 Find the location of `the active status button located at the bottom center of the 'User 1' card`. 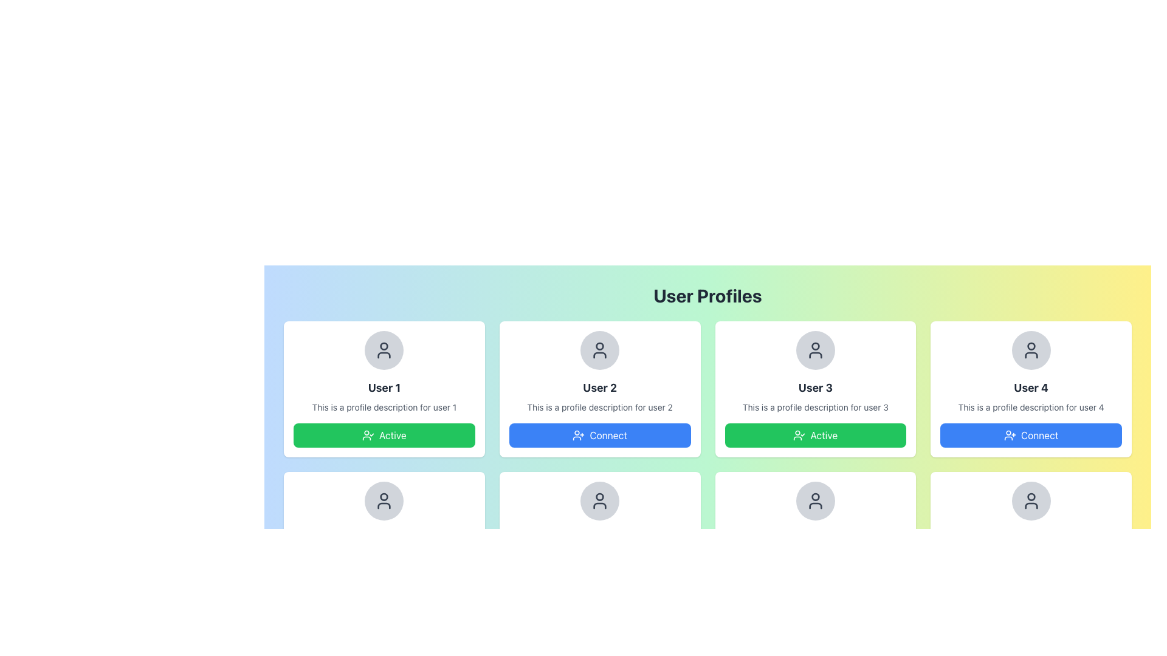

the active status button located at the bottom center of the 'User 1' card is located at coordinates (384, 435).